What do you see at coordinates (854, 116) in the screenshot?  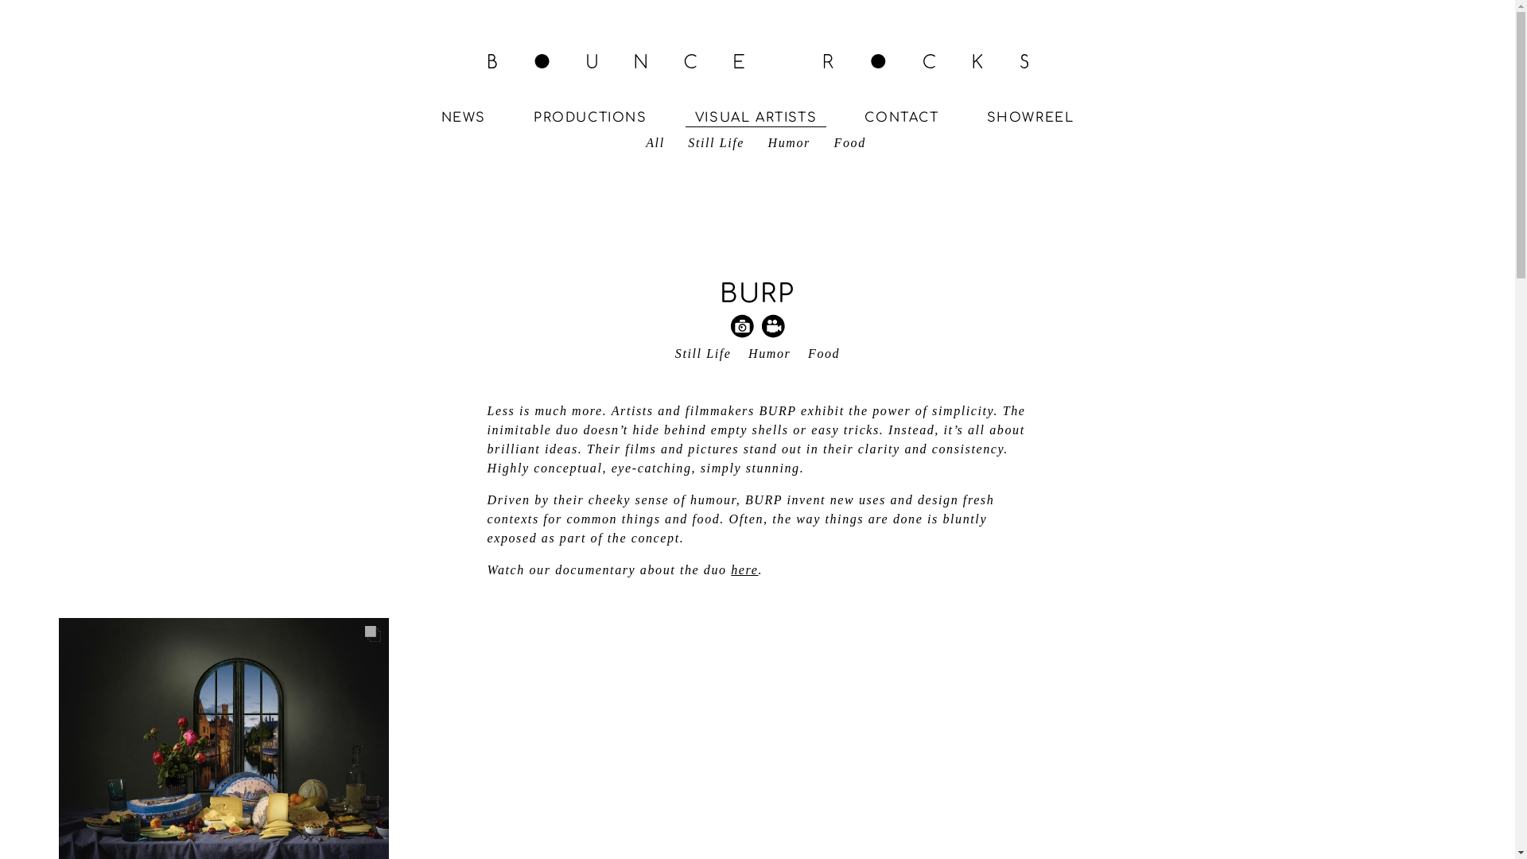 I see `'CONTACT'` at bounding box center [854, 116].